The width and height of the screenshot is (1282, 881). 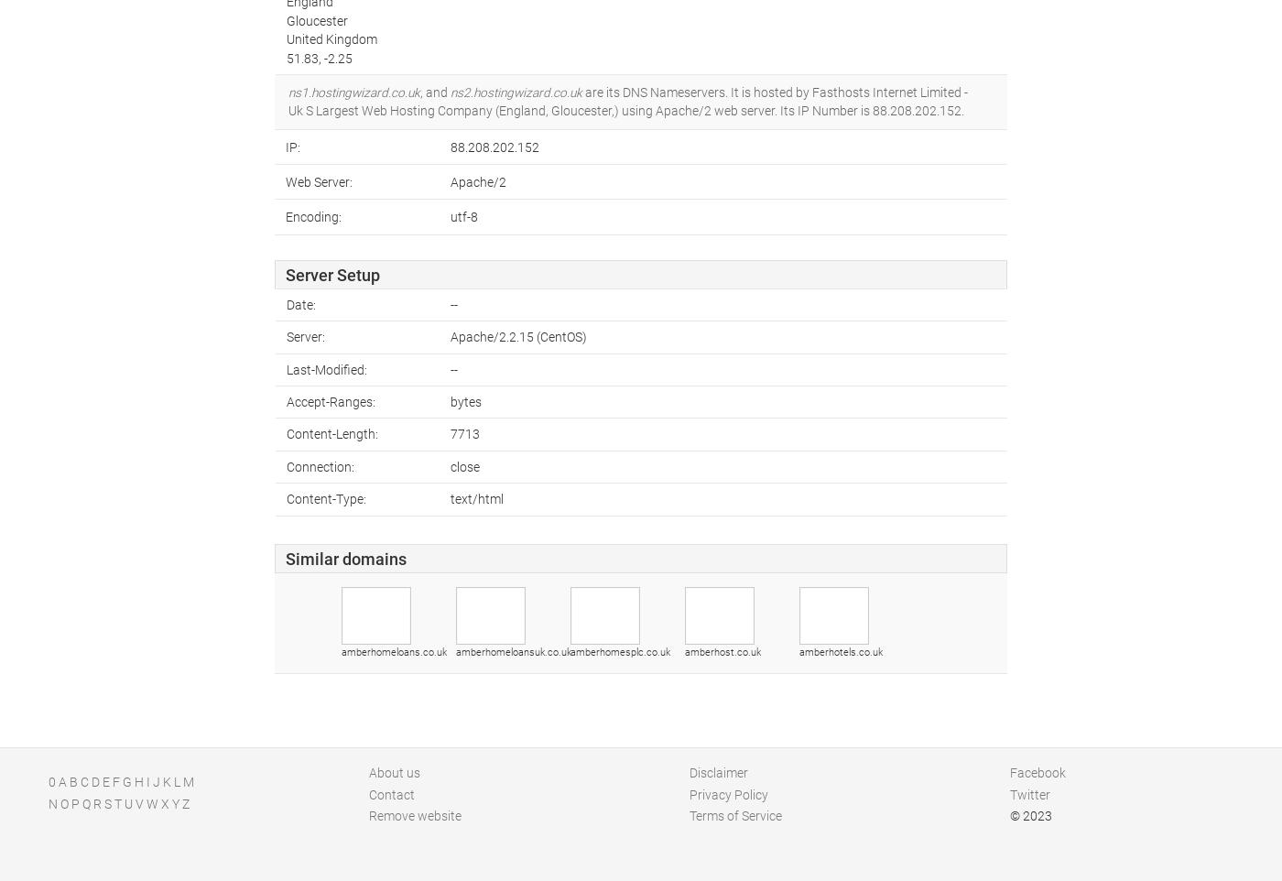 What do you see at coordinates (320, 464) in the screenshot?
I see `'Connection:'` at bounding box center [320, 464].